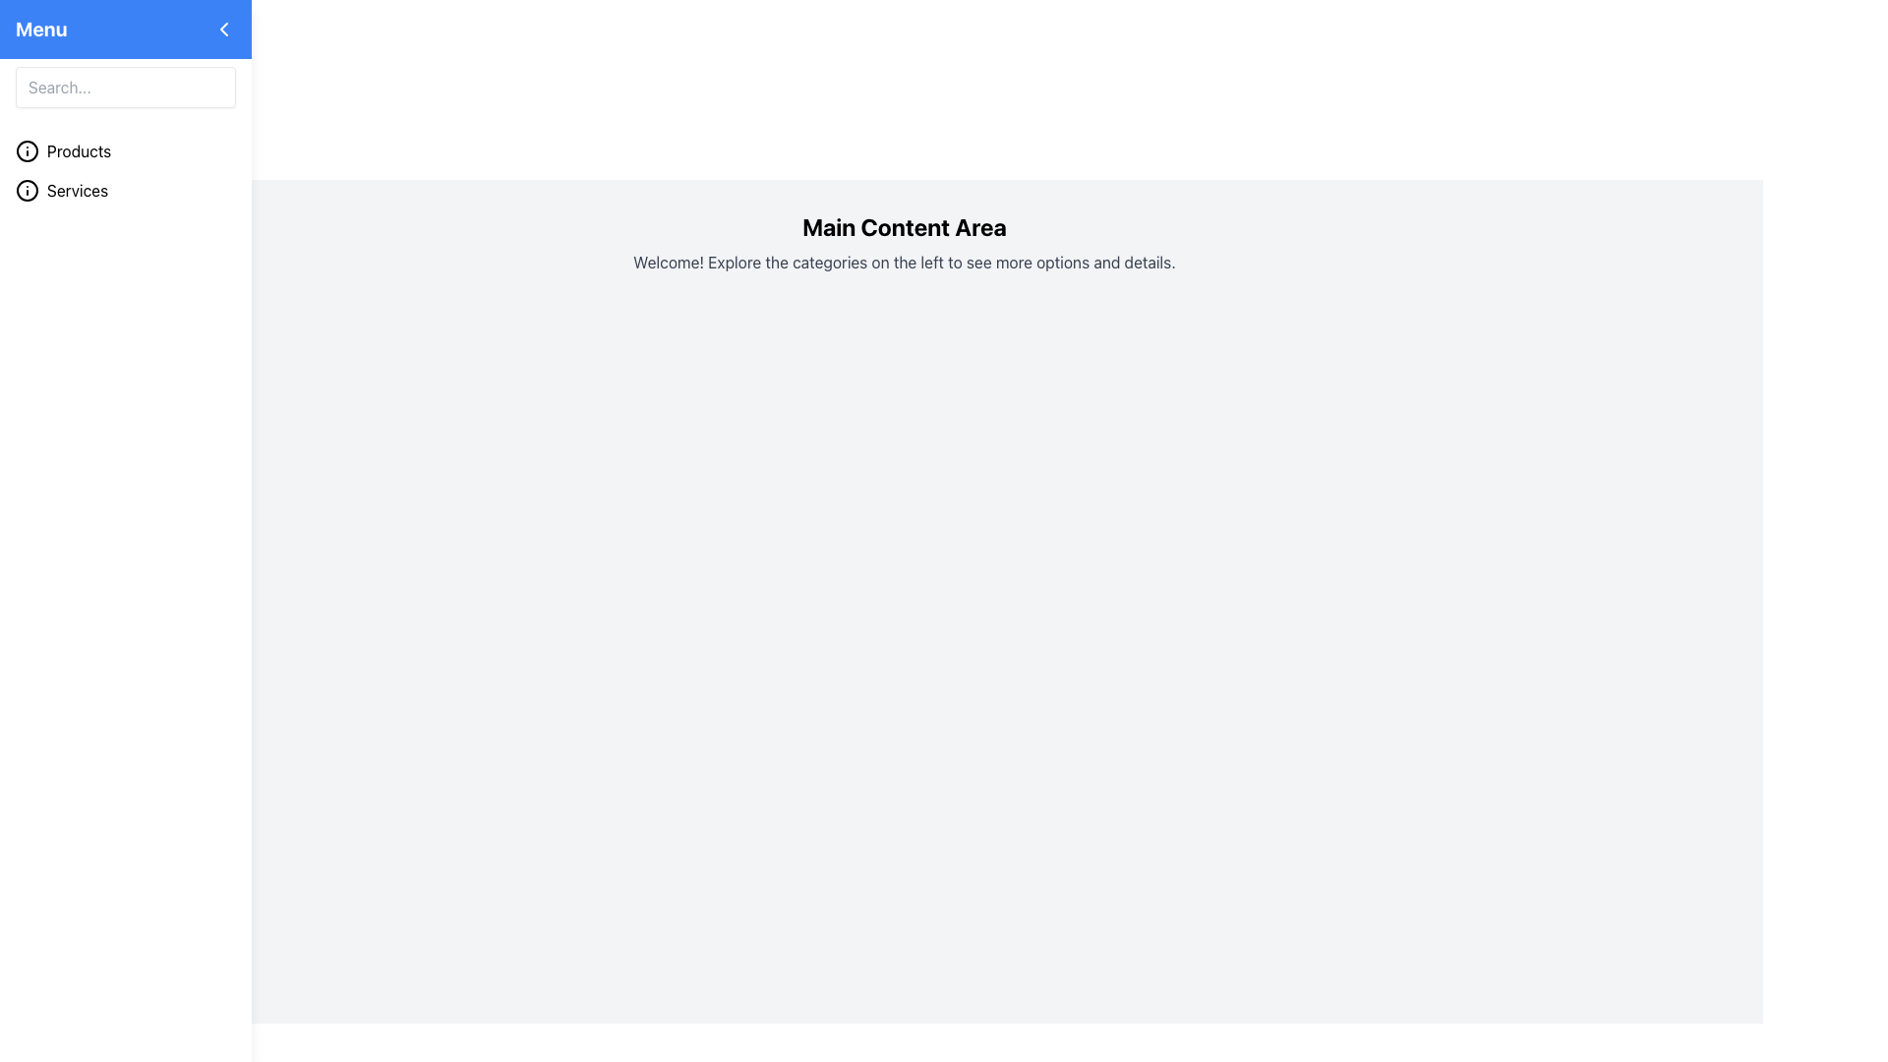  What do you see at coordinates (28, 150) in the screenshot?
I see `the information icon located in the left-side menu panel, directly to the left of the 'Products' text in its list entry` at bounding box center [28, 150].